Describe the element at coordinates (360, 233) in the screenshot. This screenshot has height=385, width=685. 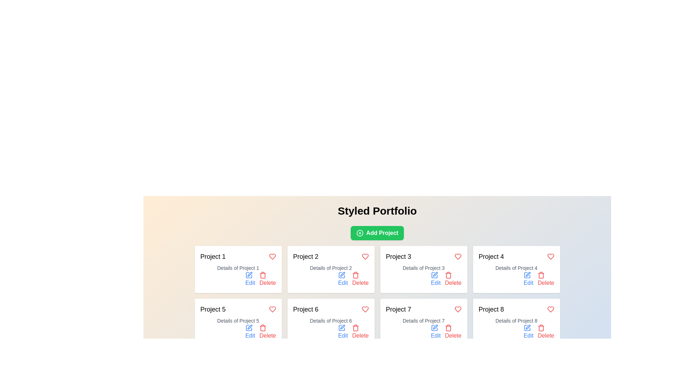
I see `the Circular Icon with Plus Sign located inside the 'Add Project' button to initiate the addition of a new project` at that location.